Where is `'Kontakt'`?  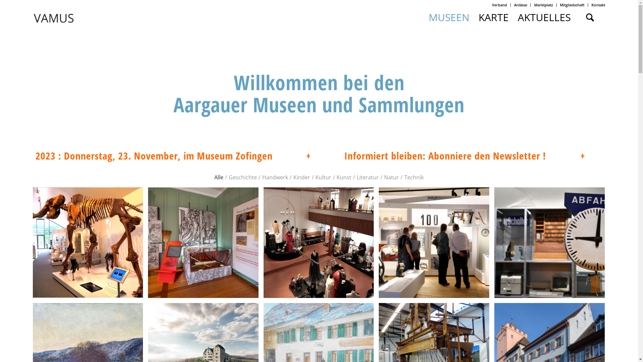
'Kontakt' is located at coordinates (598, 5).